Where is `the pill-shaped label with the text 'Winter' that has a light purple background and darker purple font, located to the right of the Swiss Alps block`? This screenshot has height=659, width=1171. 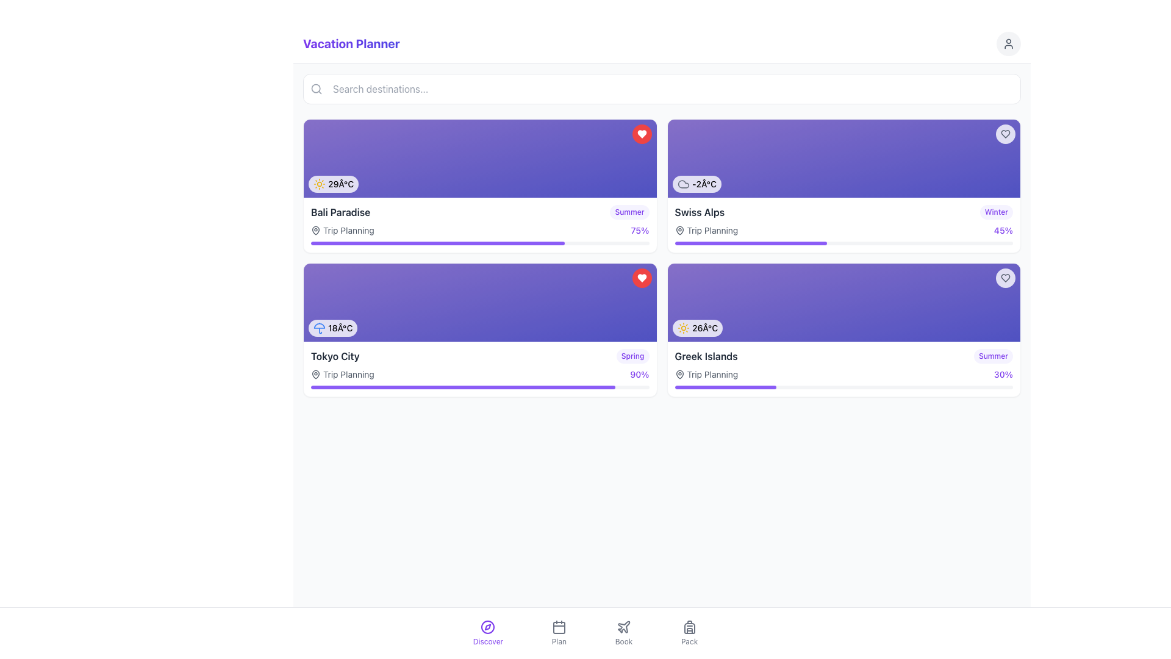
the pill-shaped label with the text 'Winter' that has a light purple background and darker purple font, located to the right of the Swiss Alps block is located at coordinates (996, 211).